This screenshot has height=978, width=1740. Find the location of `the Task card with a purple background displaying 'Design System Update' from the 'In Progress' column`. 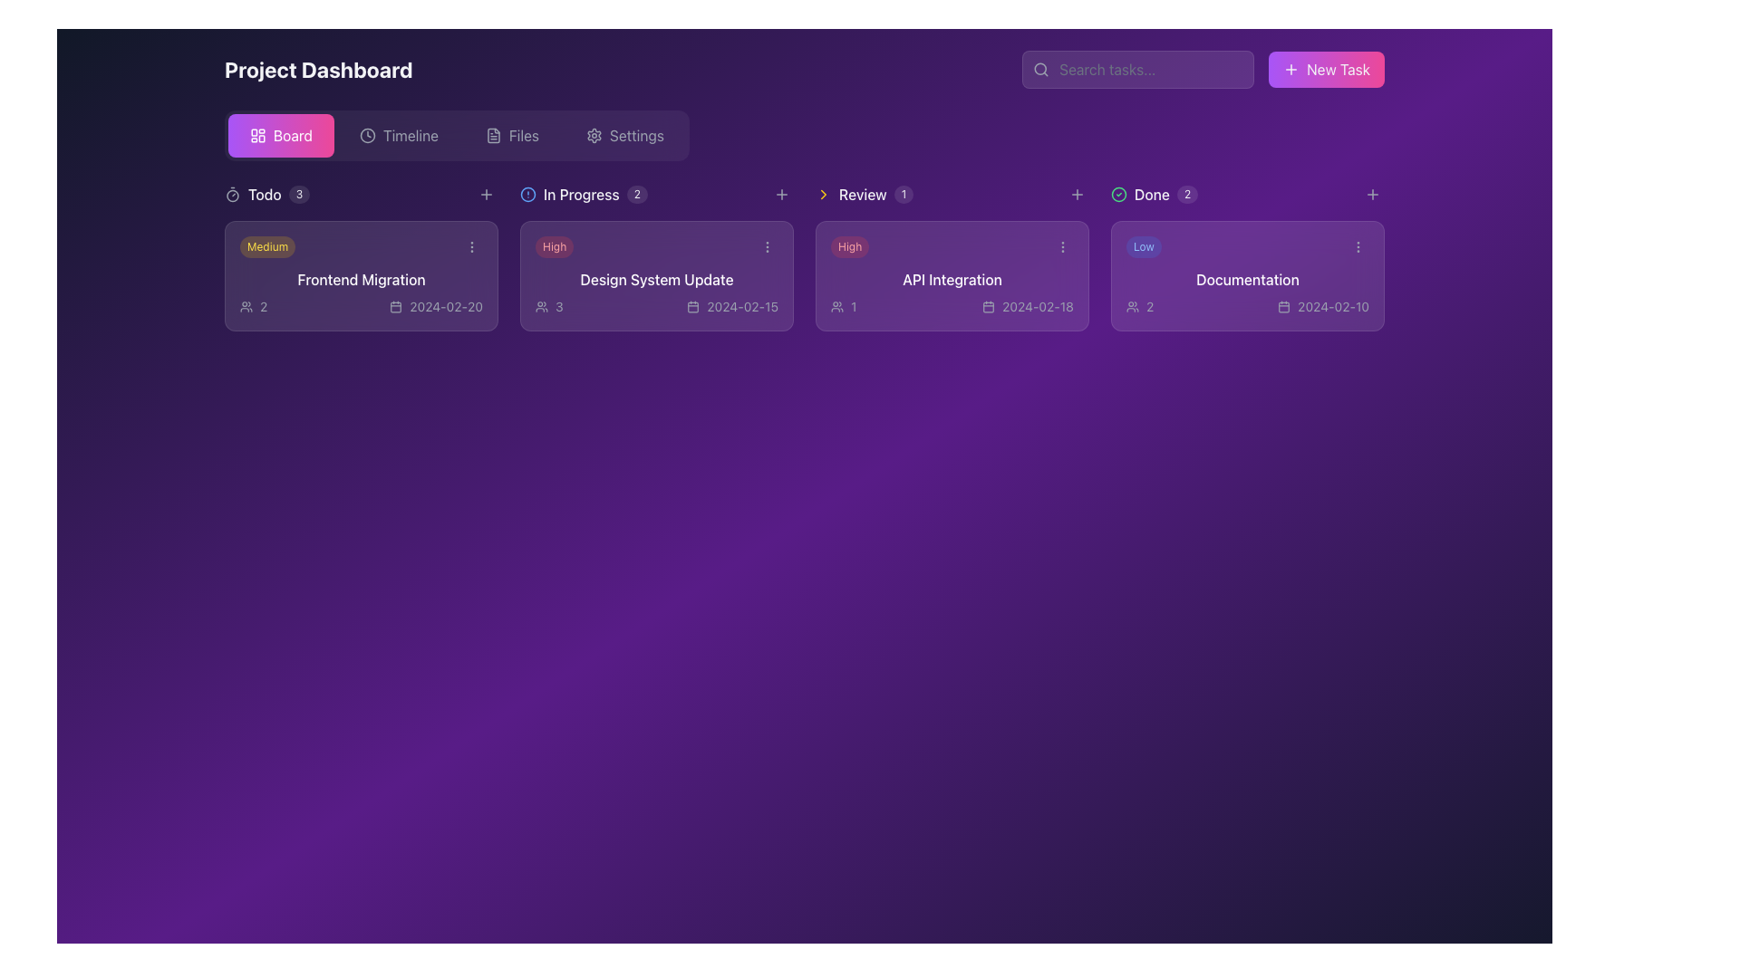

the Task card with a purple background displaying 'Design System Update' from the 'In Progress' column is located at coordinates (655, 257).